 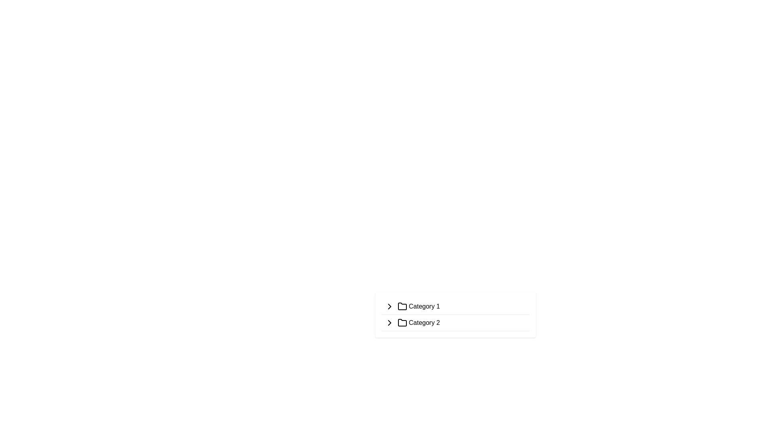 What do you see at coordinates (402, 322) in the screenshot?
I see `the 'Category 2' folder icon in the tree view, which is the second folder icon and is visually indicated by its graphical representation as a folder` at bounding box center [402, 322].